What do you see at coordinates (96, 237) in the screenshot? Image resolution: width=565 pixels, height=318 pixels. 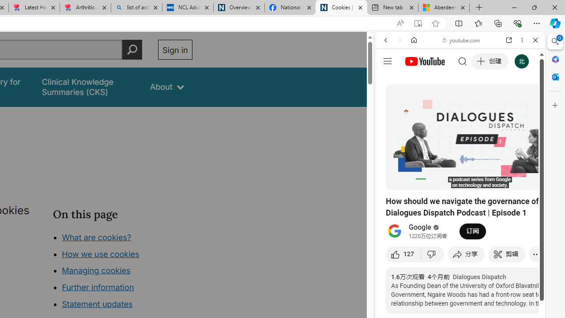 I see `'What are cookies?'` at bounding box center [96, 237].